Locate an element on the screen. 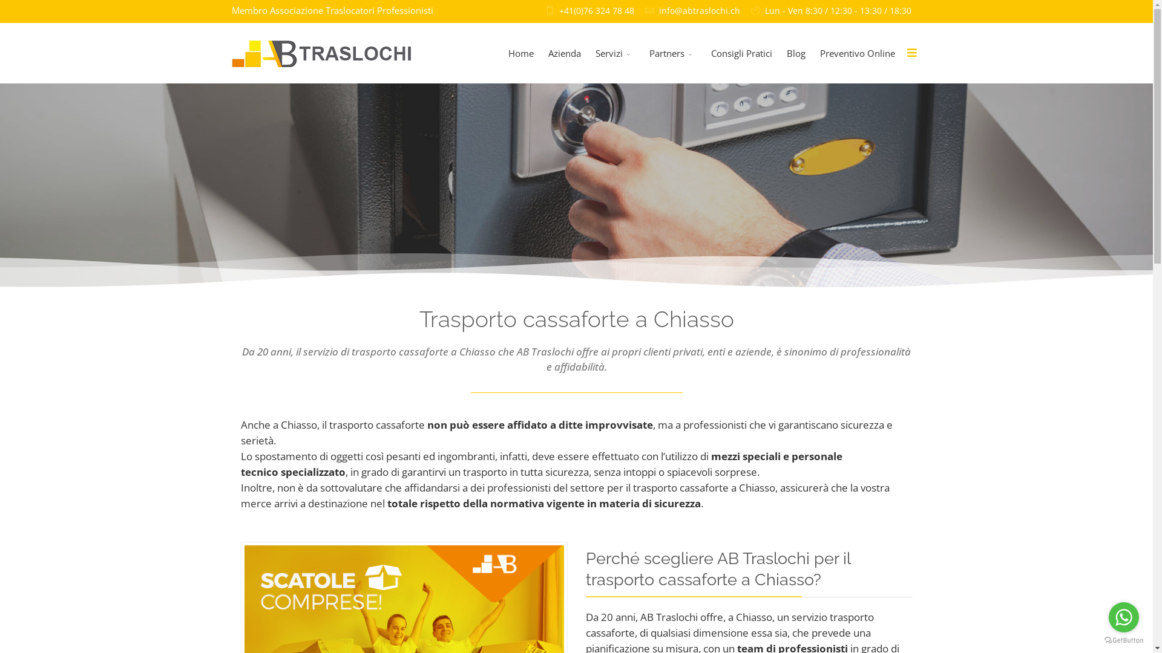 This screenshot has height=653, width=1162. '+41(0)76 324 78 48' is located at coordinates (596, 11).